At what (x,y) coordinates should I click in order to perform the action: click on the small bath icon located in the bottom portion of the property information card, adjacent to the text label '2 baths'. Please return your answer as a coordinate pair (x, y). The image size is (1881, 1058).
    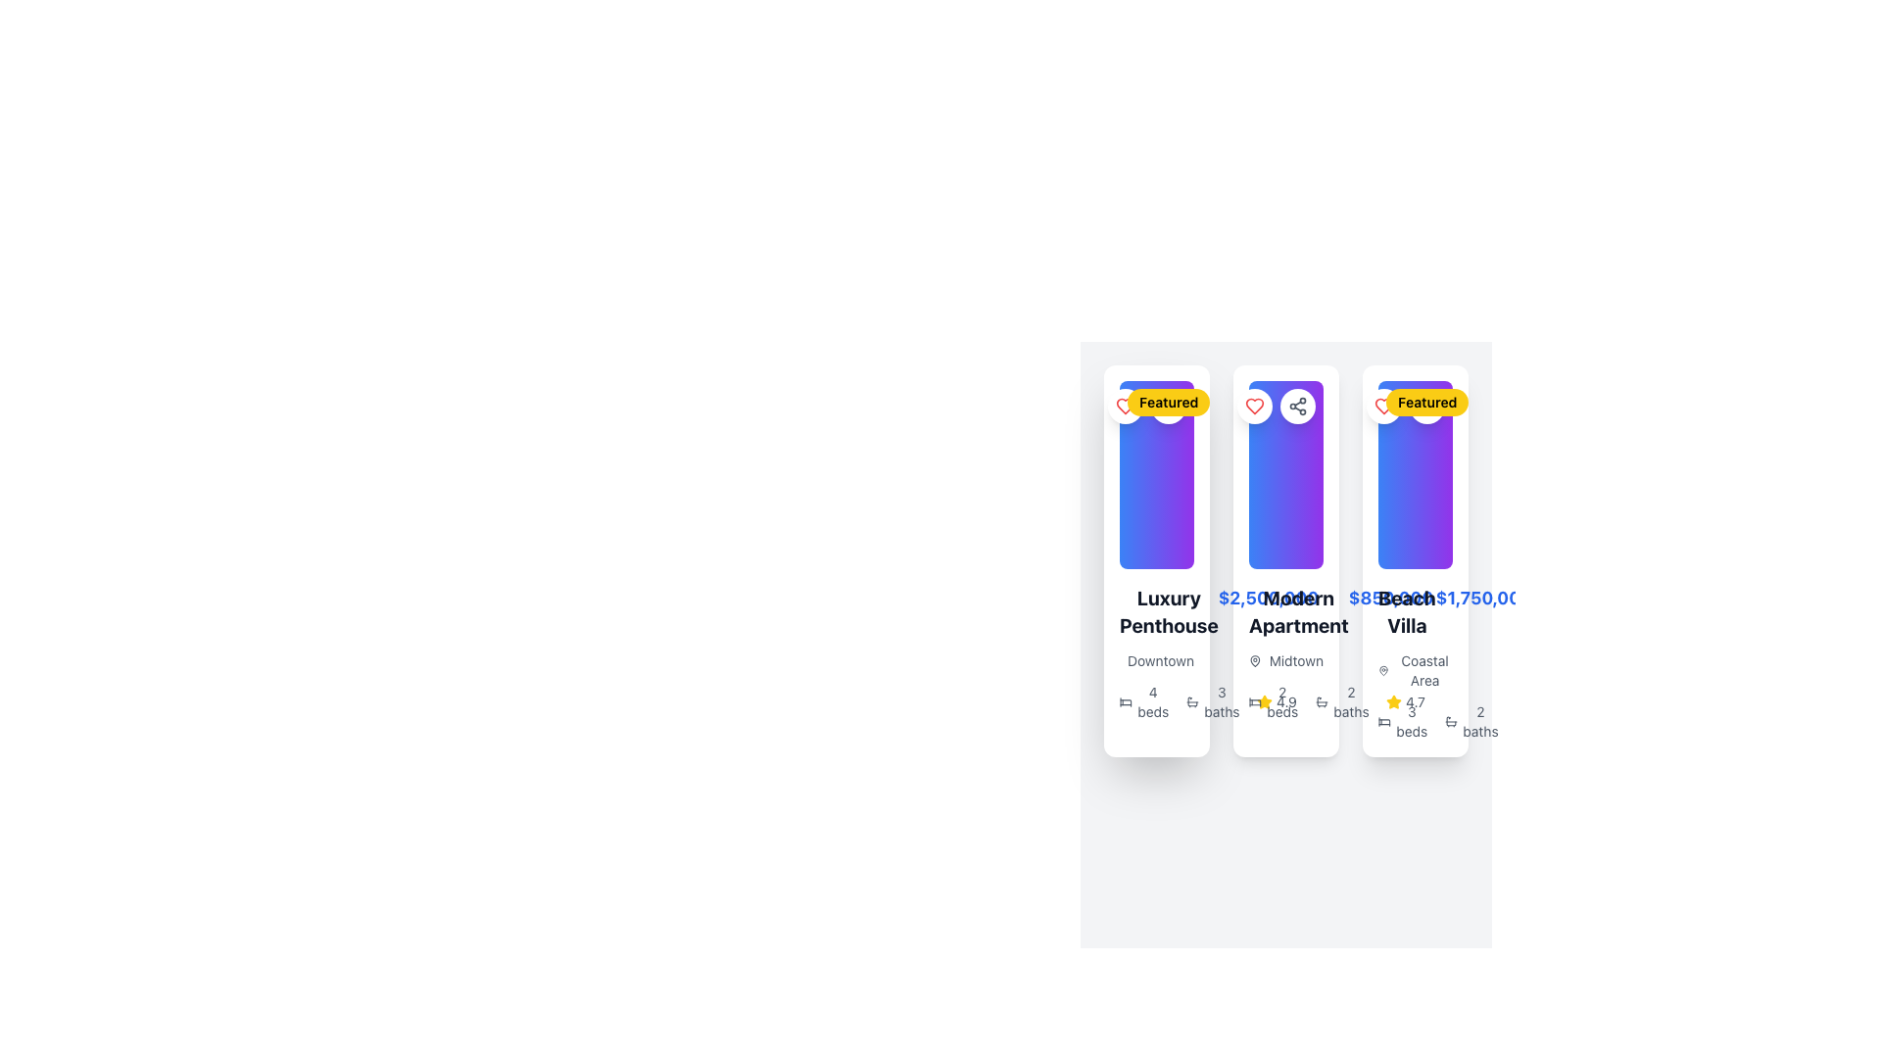
    Looking at the image, I should click on (1451, 721).